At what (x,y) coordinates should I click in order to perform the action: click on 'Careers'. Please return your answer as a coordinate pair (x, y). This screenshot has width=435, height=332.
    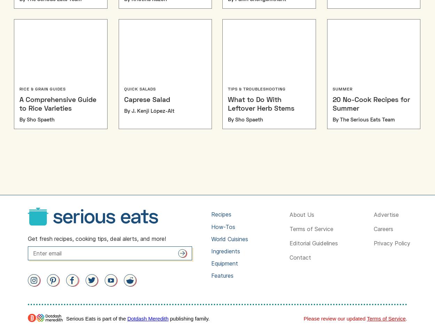
    Looking at the image, I should click on (383, 228).